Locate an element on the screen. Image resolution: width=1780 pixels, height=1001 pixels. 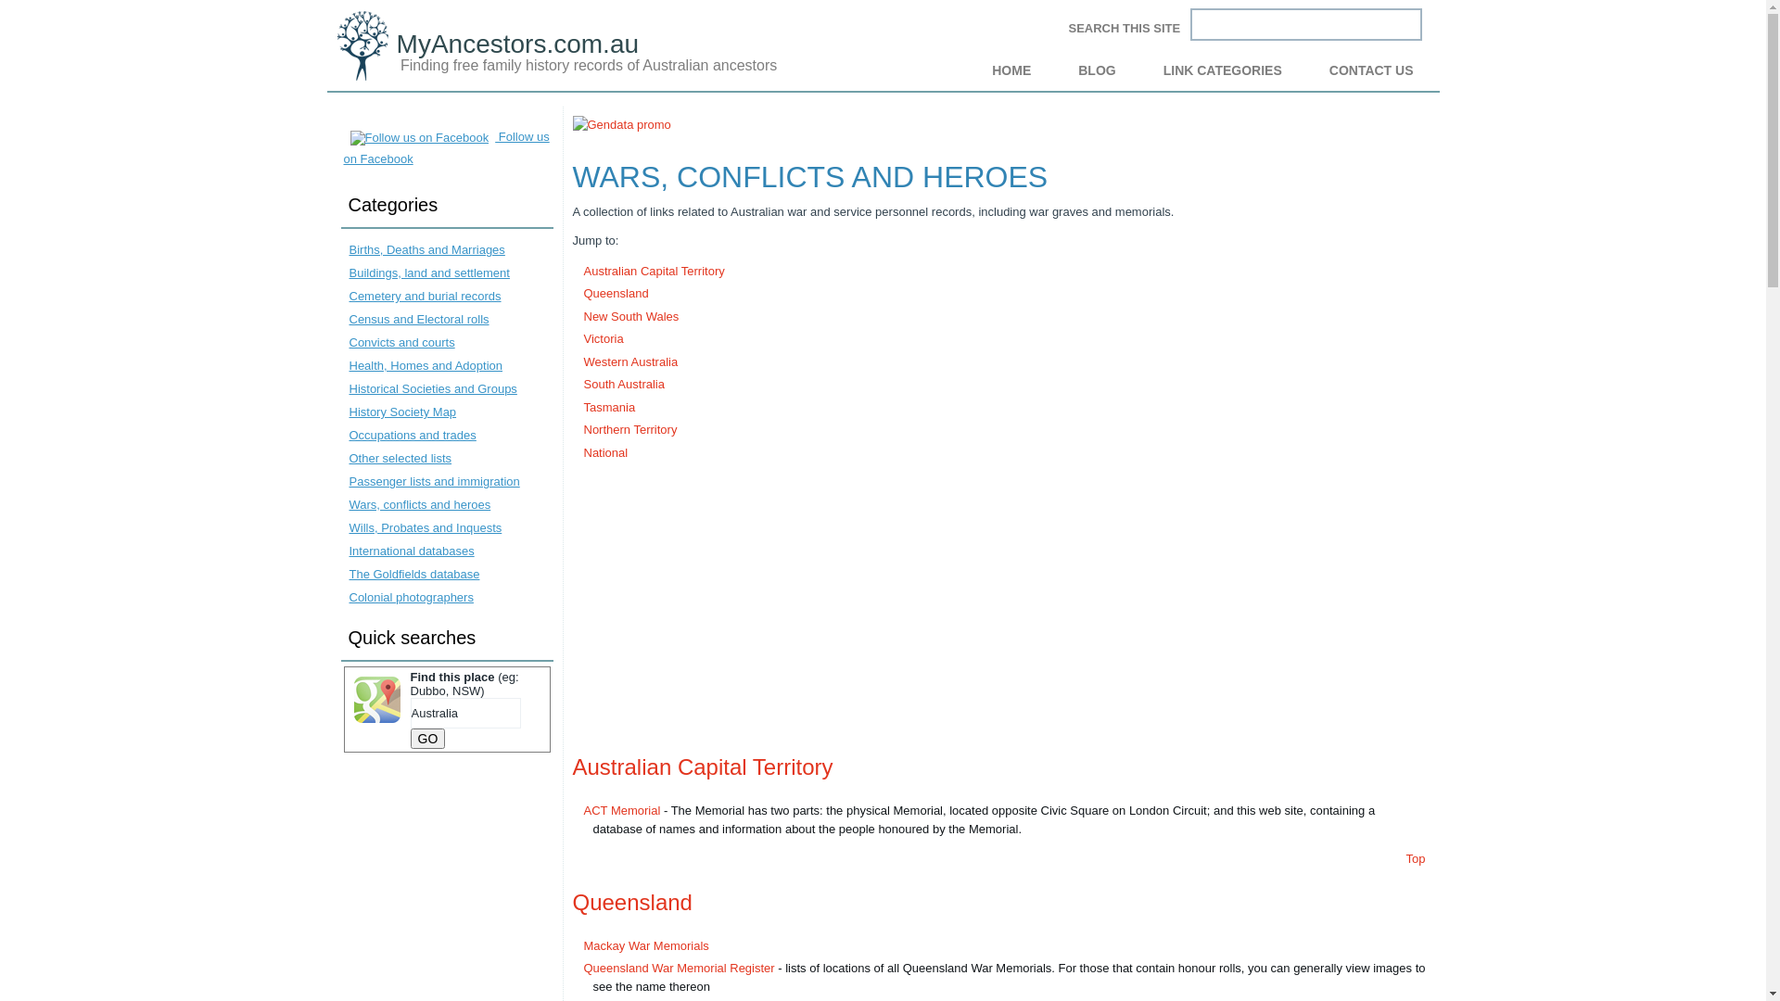
'Births, Deaths and Marriages' is located at coordinates (426, 248).